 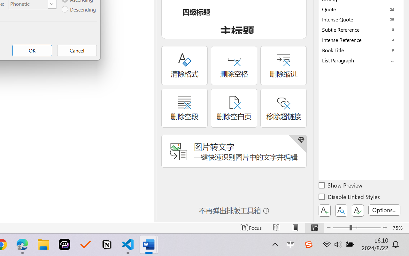 What do you see at coordinates (350, 198) in the screenshot?
I see `'Disable Linked Styles'` at bounding box center [350, 198].